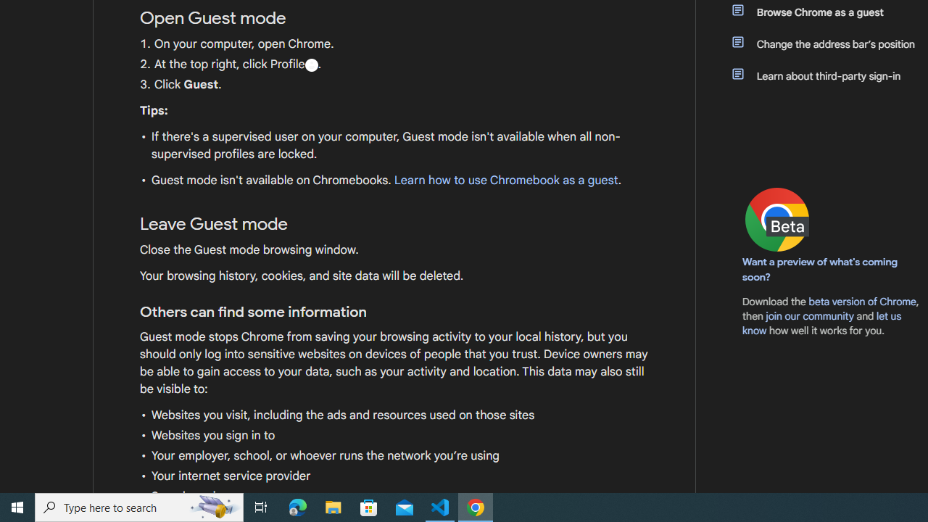 This screenshot has height=522, width=928. I want to click on 'join our community', so click(808, 315).